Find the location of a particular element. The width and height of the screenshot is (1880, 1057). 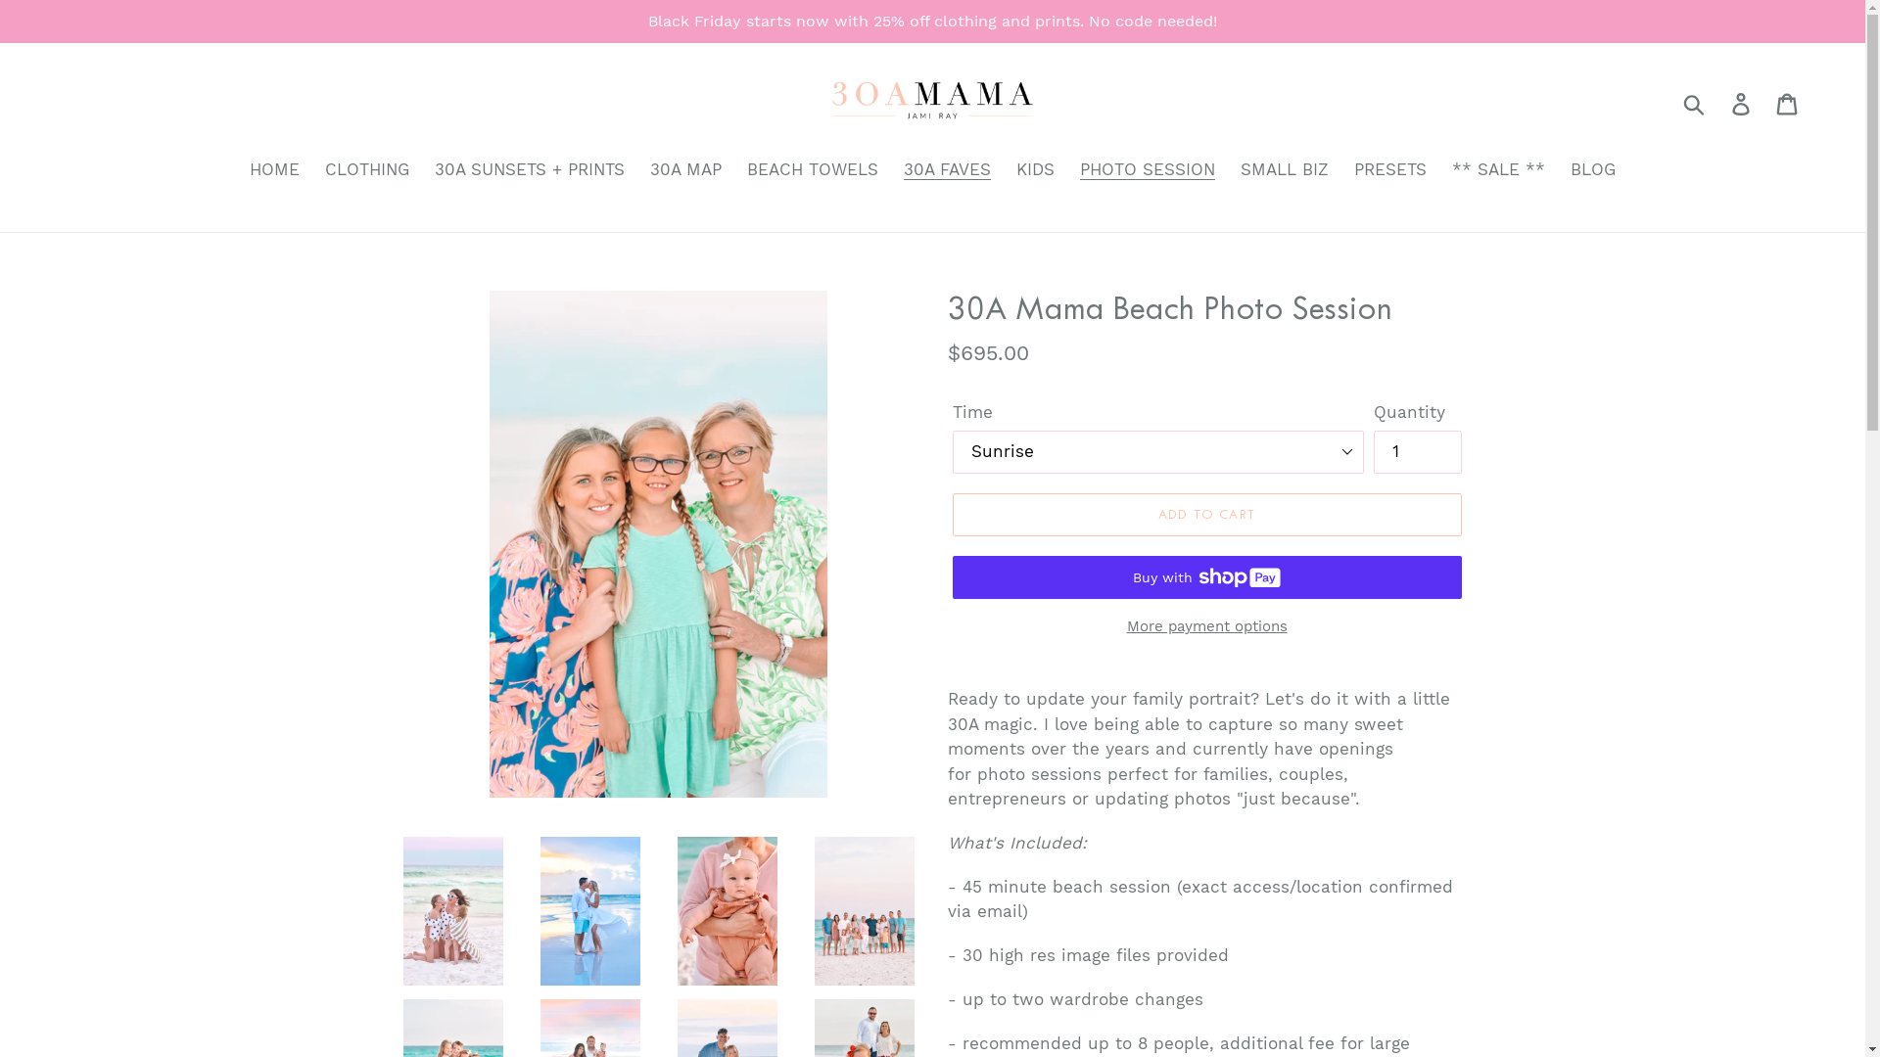

'30A MAP' is located at coordinates (685, 170).